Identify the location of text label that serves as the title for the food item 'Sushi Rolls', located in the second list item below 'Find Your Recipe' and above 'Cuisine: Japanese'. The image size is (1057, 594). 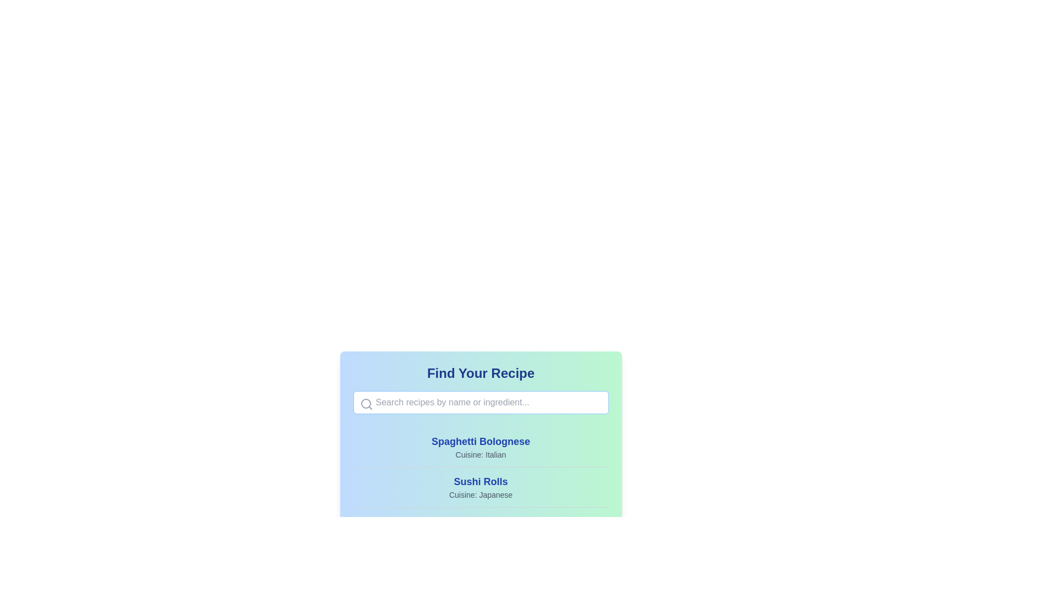
(481, 481).